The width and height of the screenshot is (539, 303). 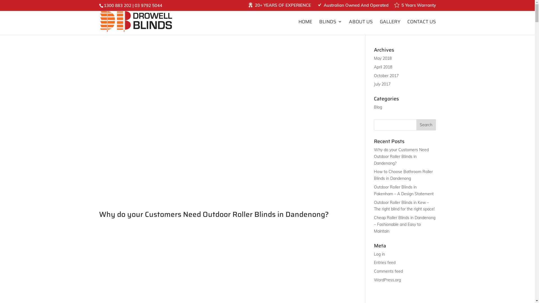 I want to click on '20+ YEARS OF EXPERIENCE', so click(x=279, y=7).